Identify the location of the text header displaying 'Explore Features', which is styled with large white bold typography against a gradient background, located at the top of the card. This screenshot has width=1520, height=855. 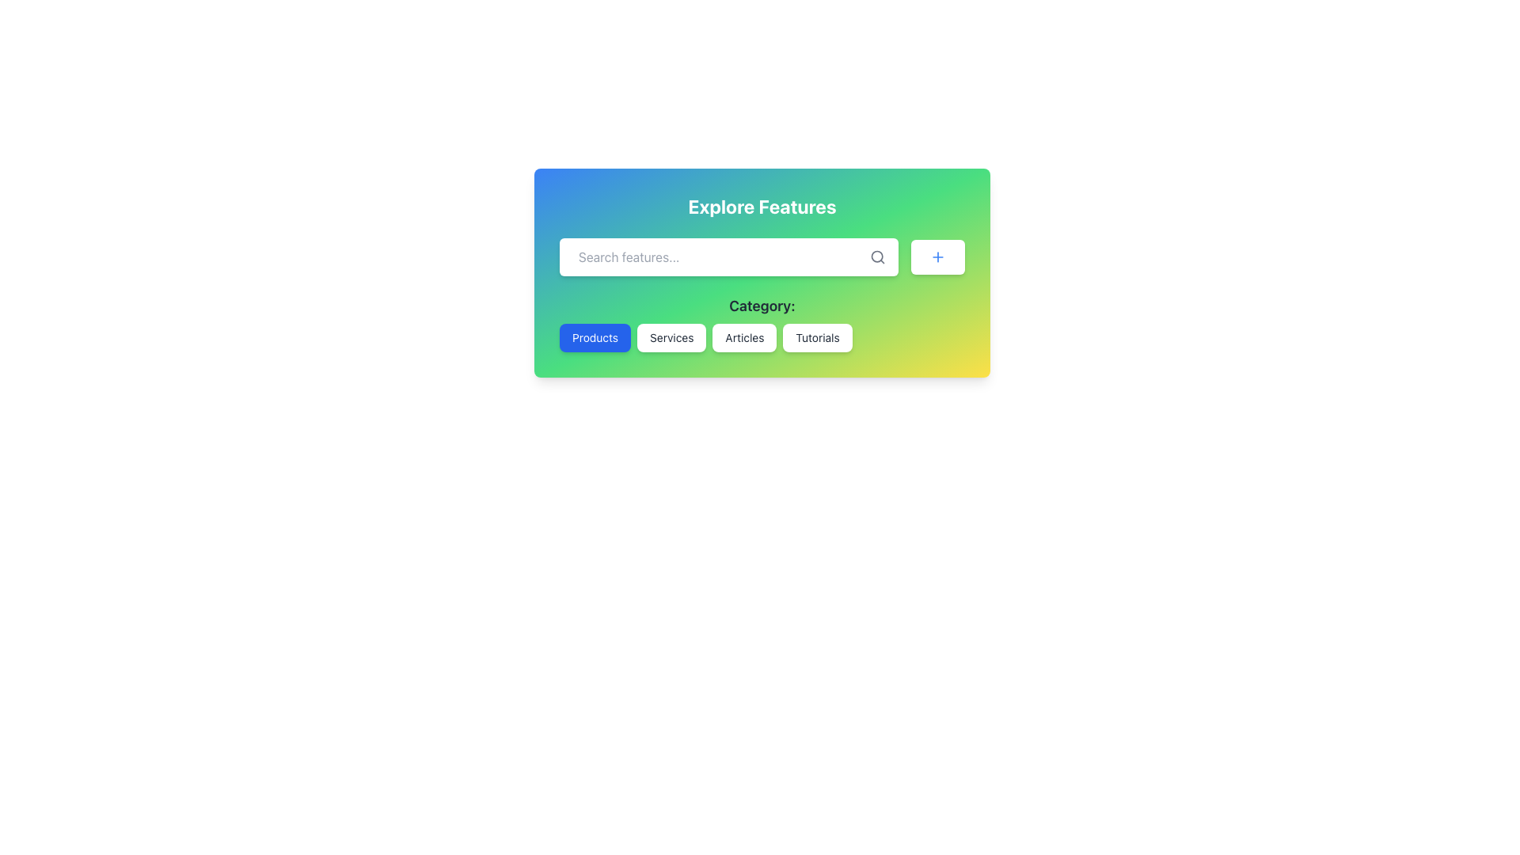
(762, 206).